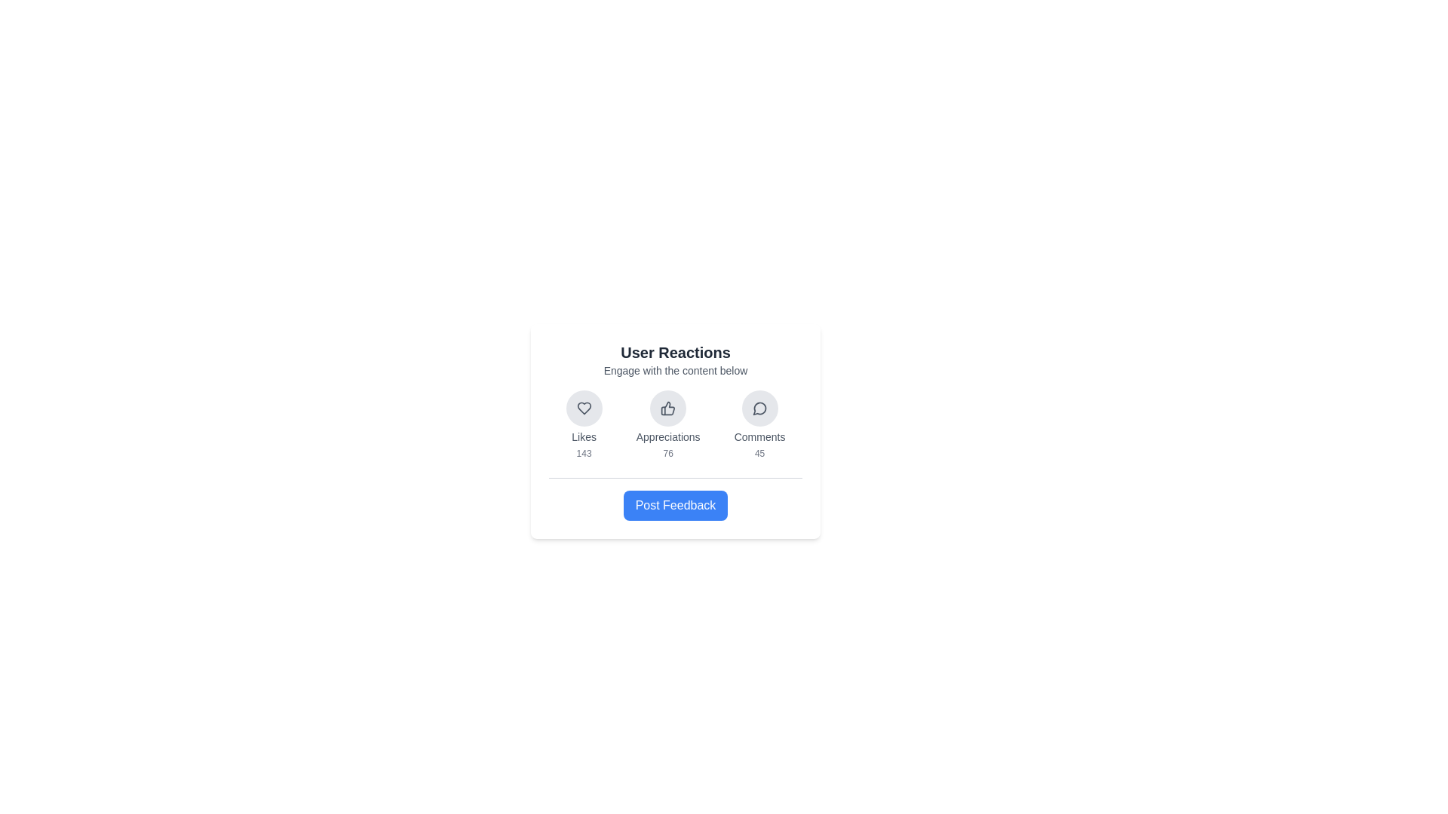 The width and height of the screenshot is (1448, 814). What do you see at coordinates (675, 371) in the screenshot?
I see `the static text element that conveys the message 'Engage with the content below', located directly beneath the title 'User Reactions'` at bounding box center [675, 371].